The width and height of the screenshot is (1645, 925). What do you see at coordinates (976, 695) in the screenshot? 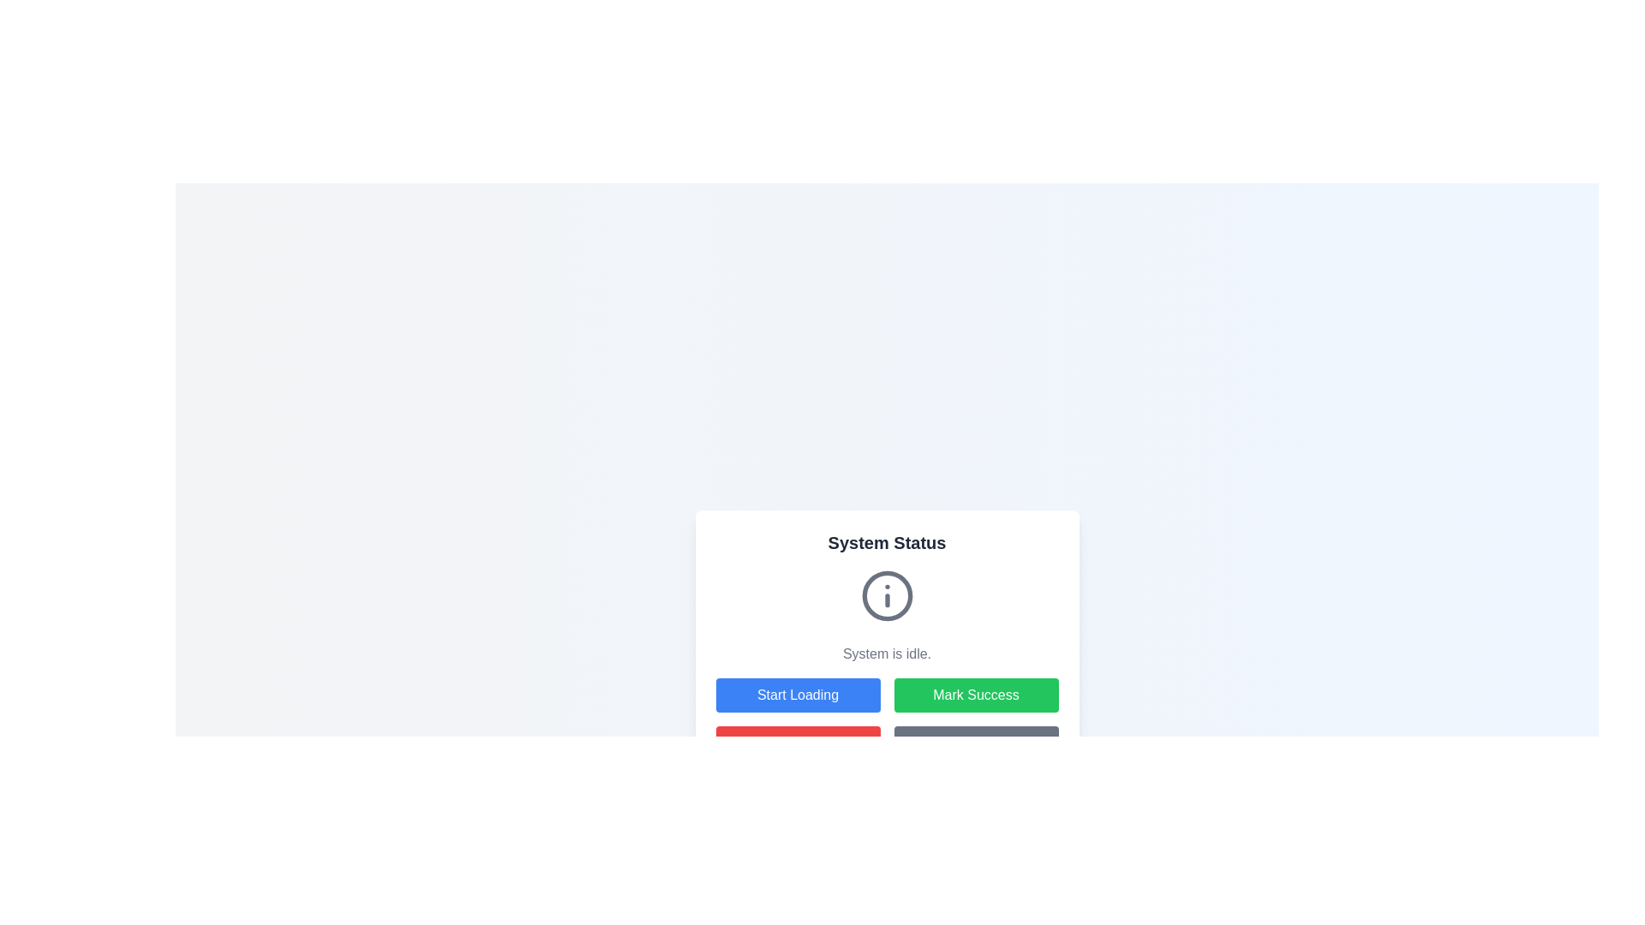
I see `the 'Mark Success' button, which has a green background and white text, located in the second column of the first row in a 2x2 grid layout` at bounding box center [976, 695].